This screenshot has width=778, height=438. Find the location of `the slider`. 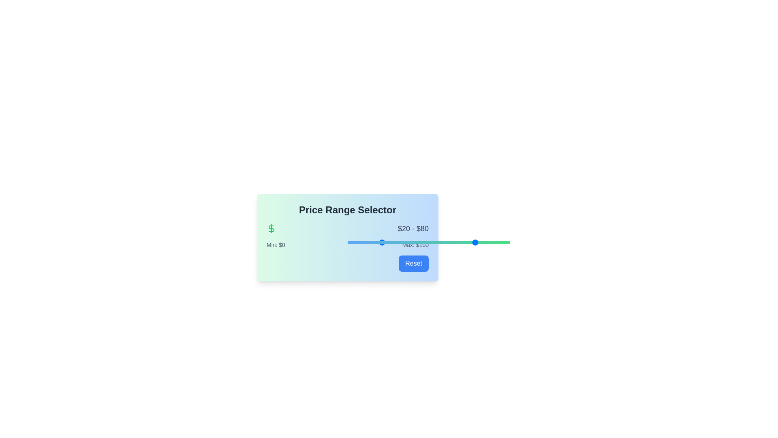

the slider is located at coordinates (361, 242).